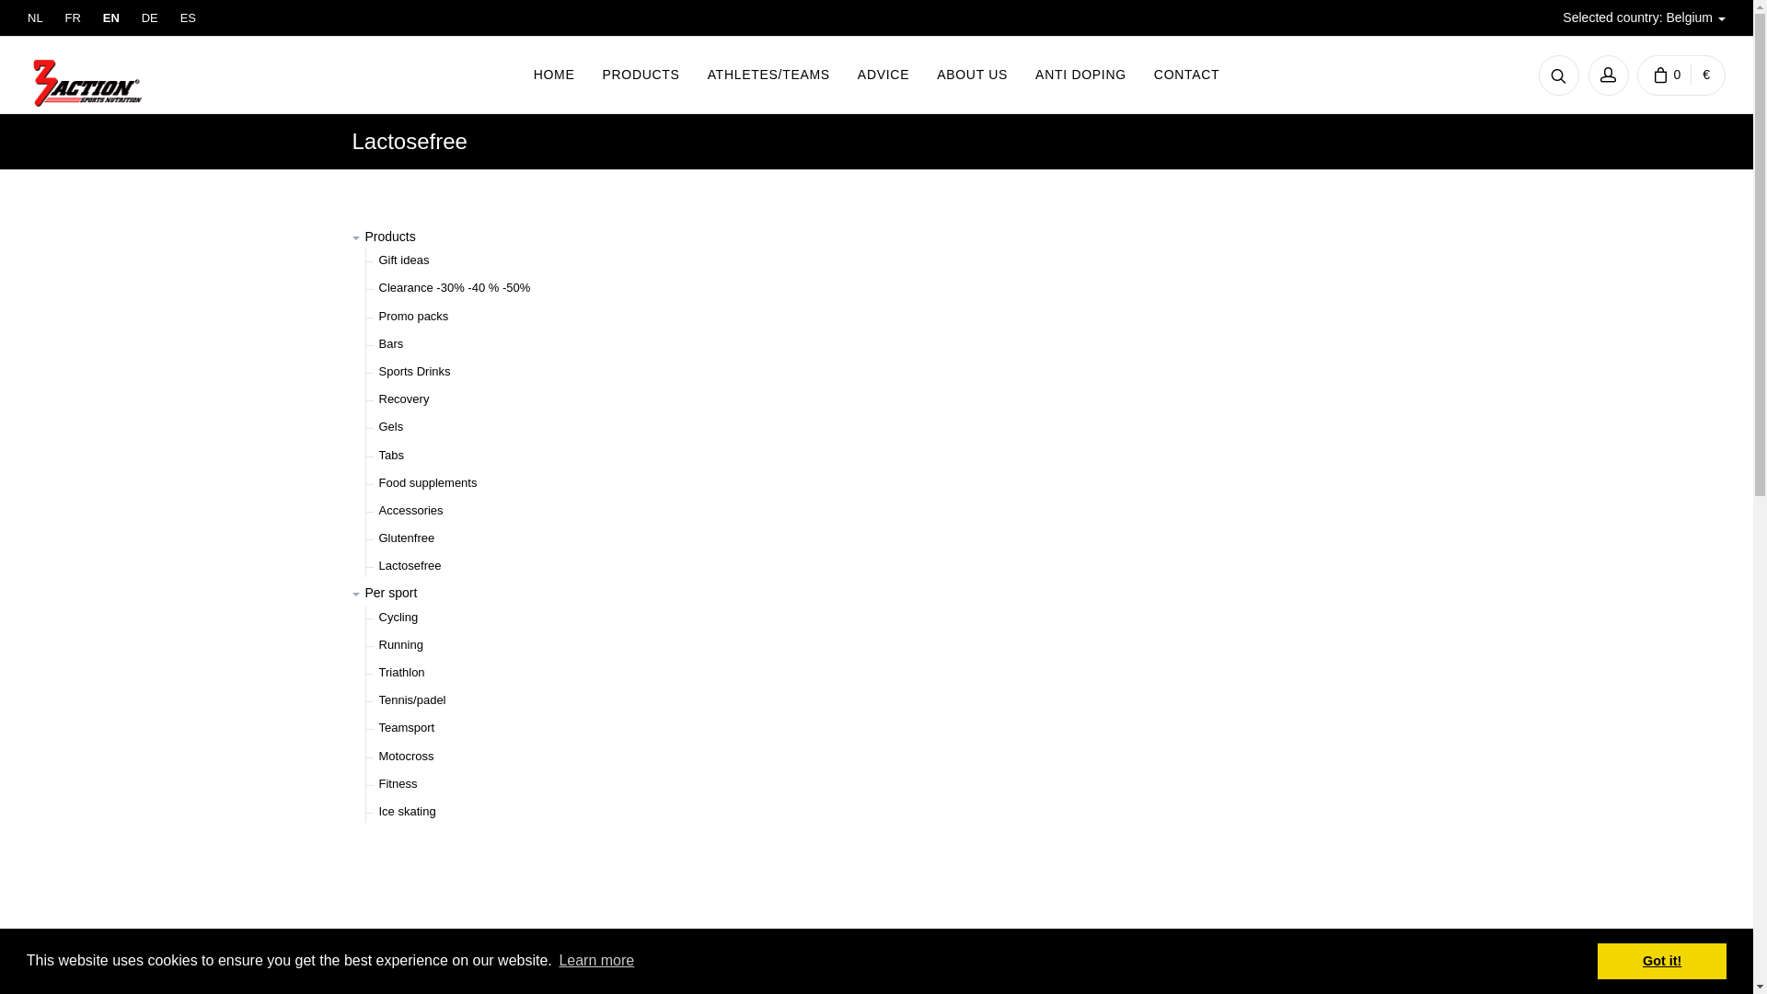  I want to click on 'Triathlon', so click(400, 672).